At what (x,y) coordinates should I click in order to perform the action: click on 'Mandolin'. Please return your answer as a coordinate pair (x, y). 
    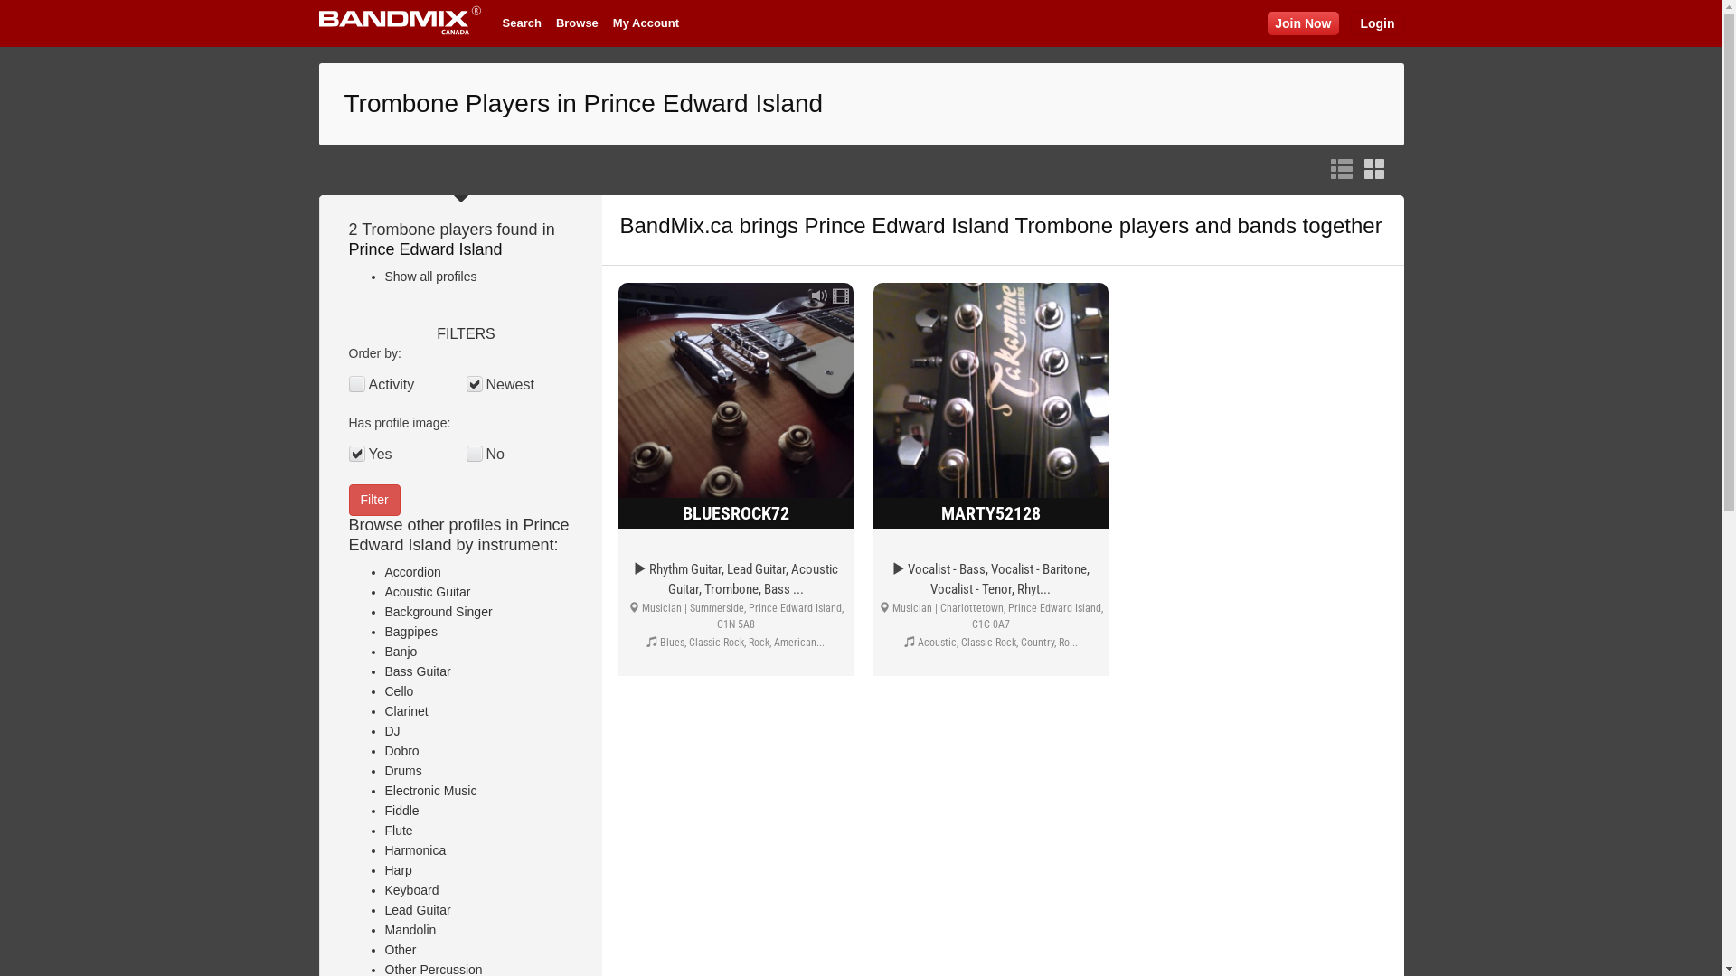
    Looking at the image, I should click on (410, 930).